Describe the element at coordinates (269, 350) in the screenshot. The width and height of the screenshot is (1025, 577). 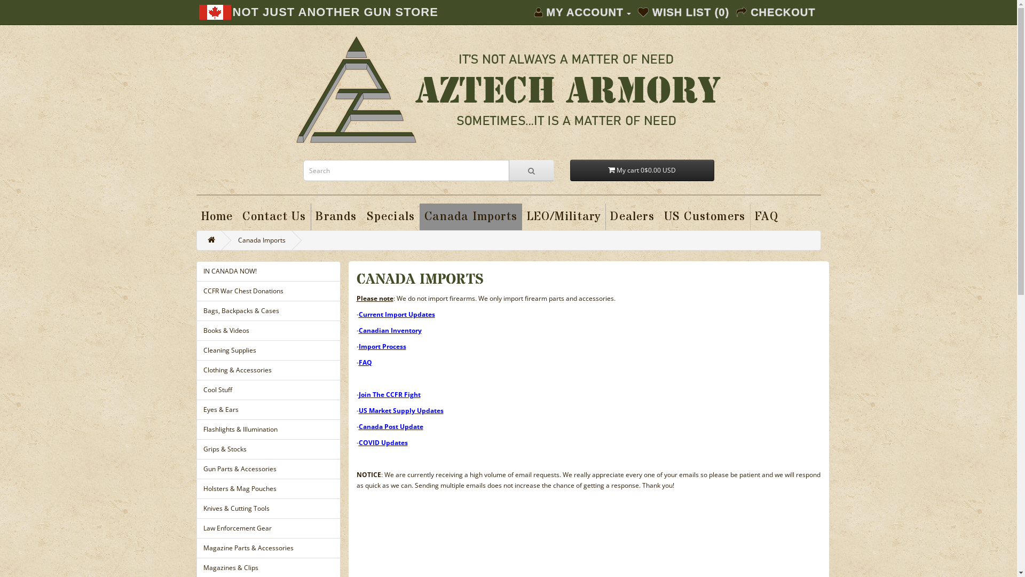
I see `'Cleaning Supplies'` at that location.